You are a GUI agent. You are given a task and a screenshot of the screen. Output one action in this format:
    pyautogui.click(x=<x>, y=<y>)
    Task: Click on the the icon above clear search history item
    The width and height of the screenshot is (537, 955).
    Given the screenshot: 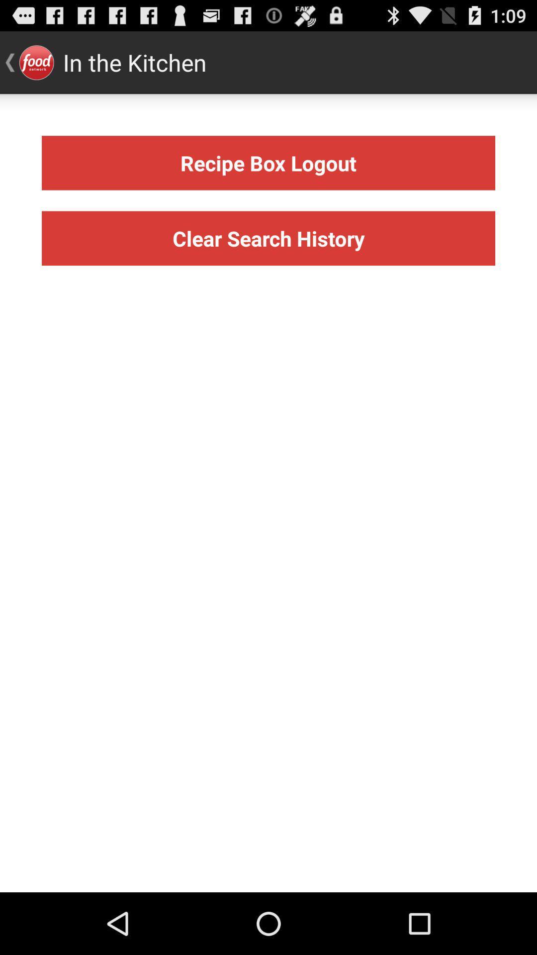 What is the action you would take?
    pyautogui.click(x=268, y=163)
    